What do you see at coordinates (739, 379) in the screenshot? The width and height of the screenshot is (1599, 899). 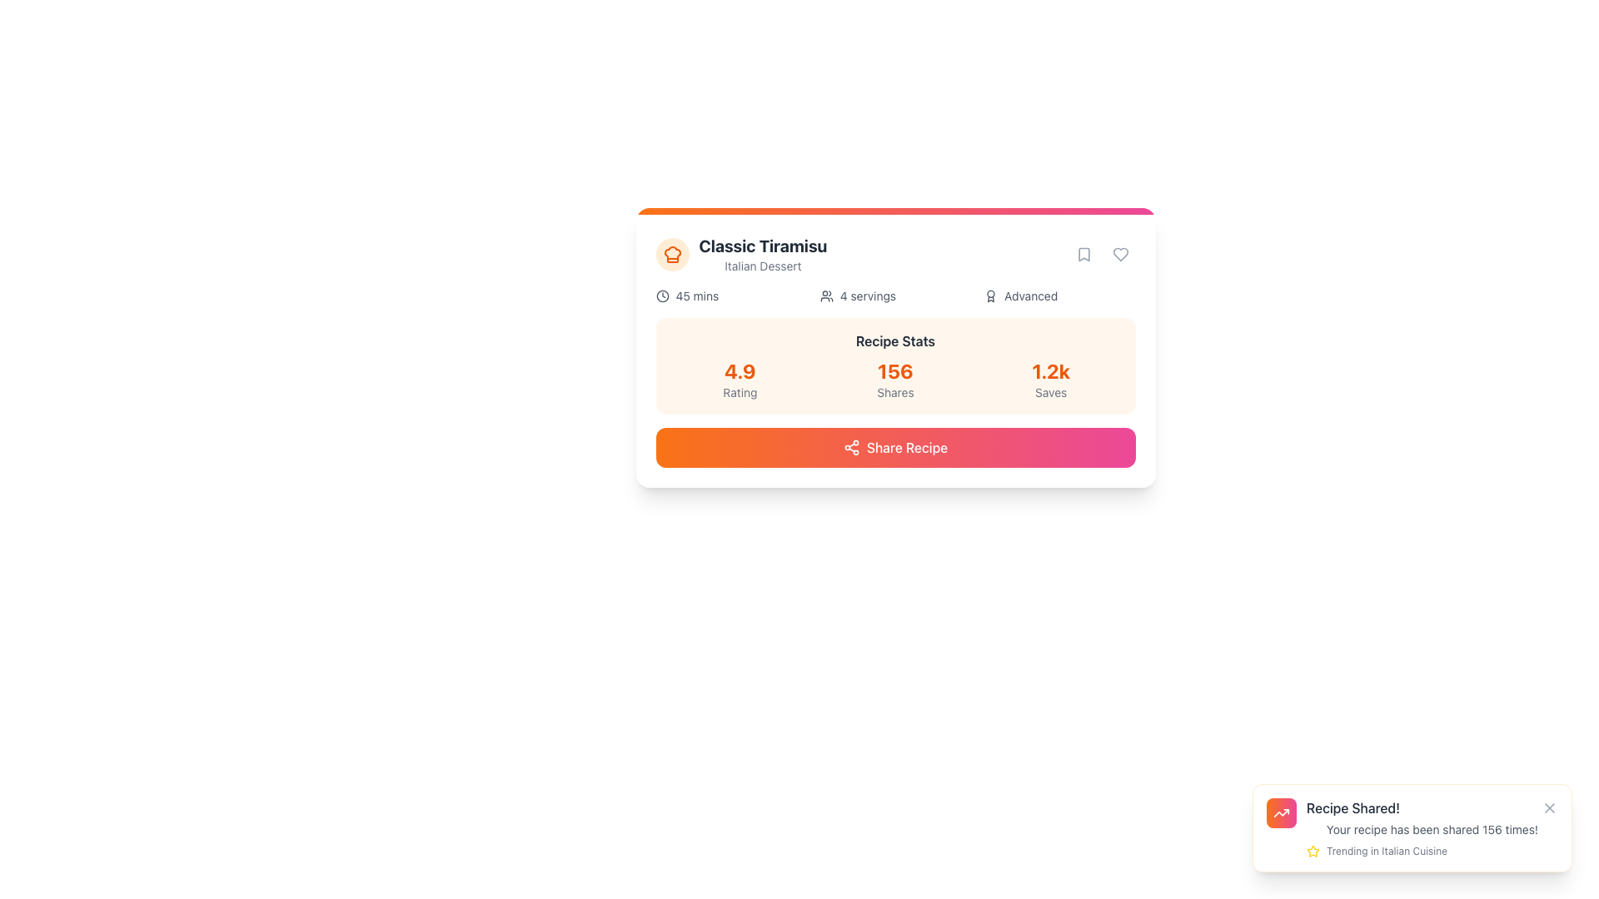 I see `the Text Display showing the rating '4.9' in bold orange font above the word 'Rating' in gray font, located in the 'Recipe Stats' section` at bounding box center [739, 379].